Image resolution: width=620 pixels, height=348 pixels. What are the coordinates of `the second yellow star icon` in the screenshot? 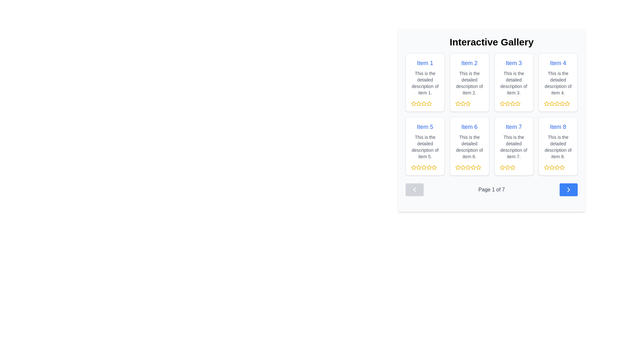 It's located at (463, 103).